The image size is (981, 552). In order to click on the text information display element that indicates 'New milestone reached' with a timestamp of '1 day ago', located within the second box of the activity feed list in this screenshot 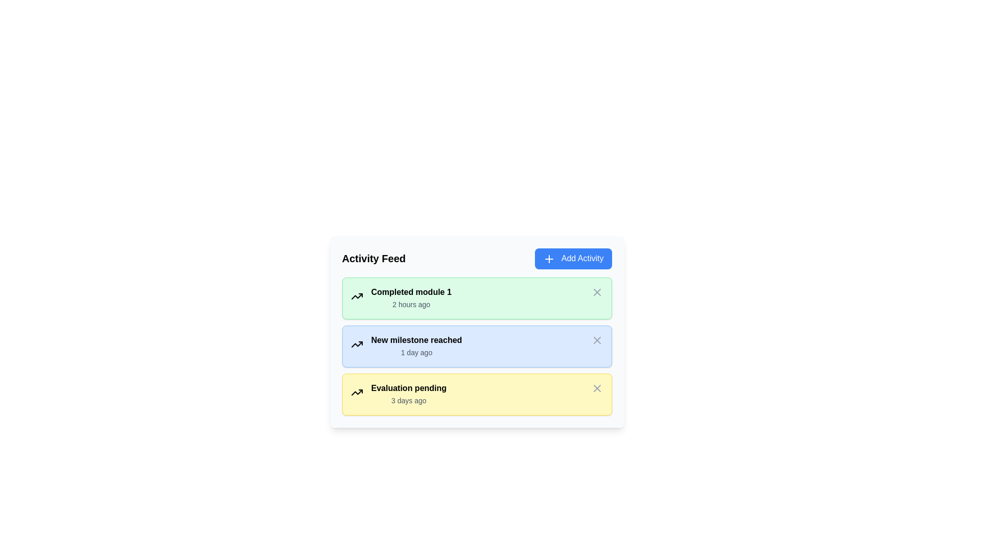, I will do `click(416, 346)`.